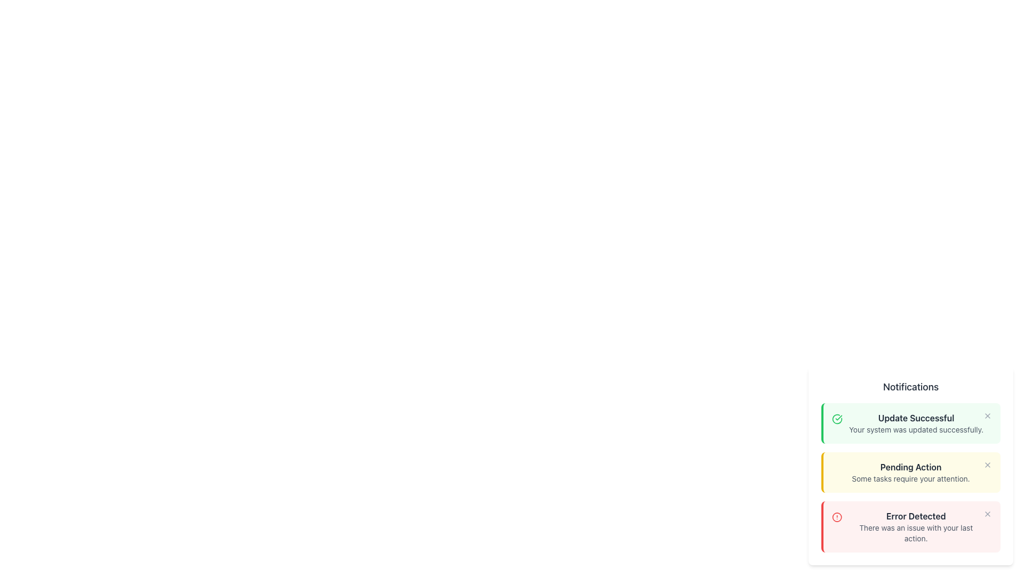 The image size is (1024, 576). I want to click on the second notification card in the 'Notifications' section to interact with other elements within or around it, so click(911, 472).